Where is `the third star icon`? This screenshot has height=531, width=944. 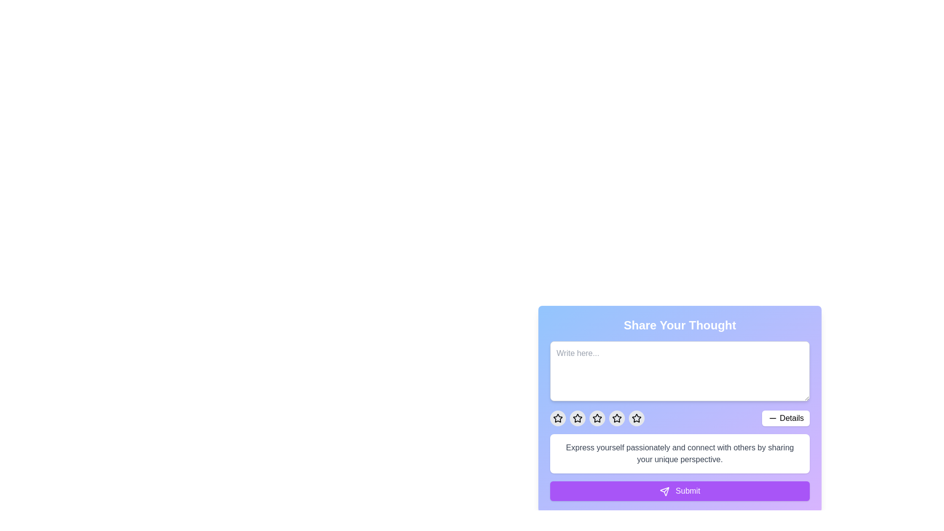
the third star icon is located at coordinates (596, 418).